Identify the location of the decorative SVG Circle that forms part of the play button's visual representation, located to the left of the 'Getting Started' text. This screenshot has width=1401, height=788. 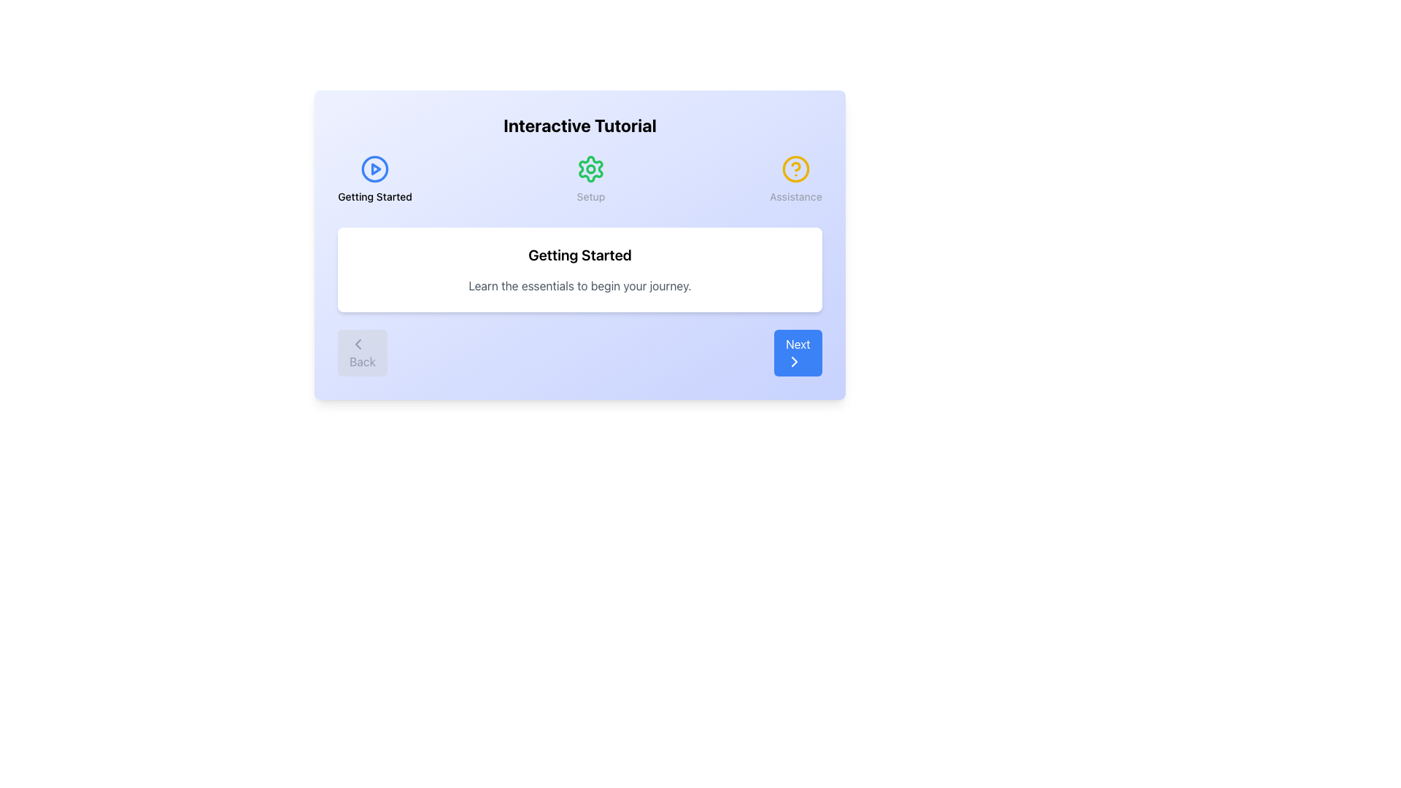
(375, 168).